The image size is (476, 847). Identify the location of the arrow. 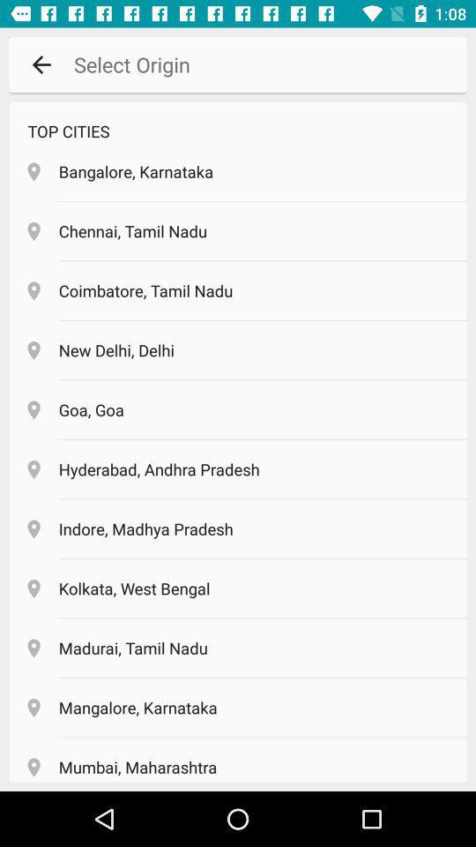
(41, 64).